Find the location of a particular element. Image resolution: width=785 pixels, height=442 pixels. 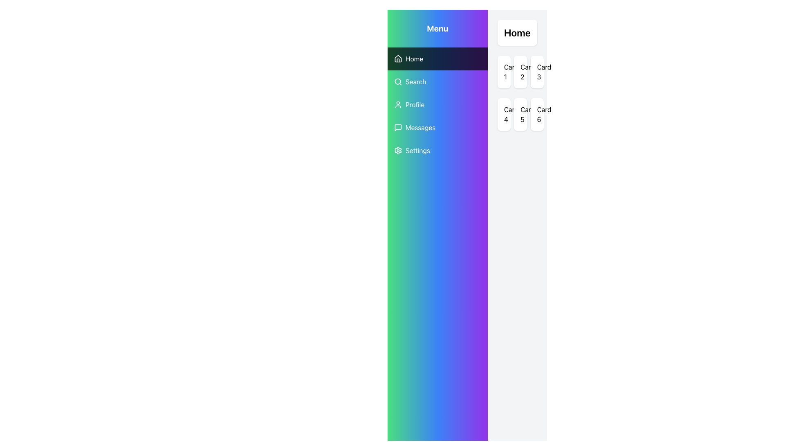

the navigation button for search functionality using keyboard navigation is located at coordinates (437, 82).